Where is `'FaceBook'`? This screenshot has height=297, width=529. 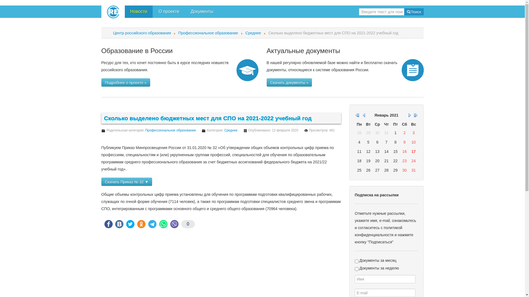 'FaceBook' is located at coordinates (108, 224).